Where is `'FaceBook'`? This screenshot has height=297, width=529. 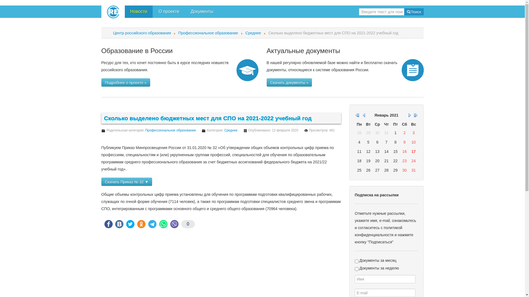 'FaceBook' is located at coordinates (108, 224).